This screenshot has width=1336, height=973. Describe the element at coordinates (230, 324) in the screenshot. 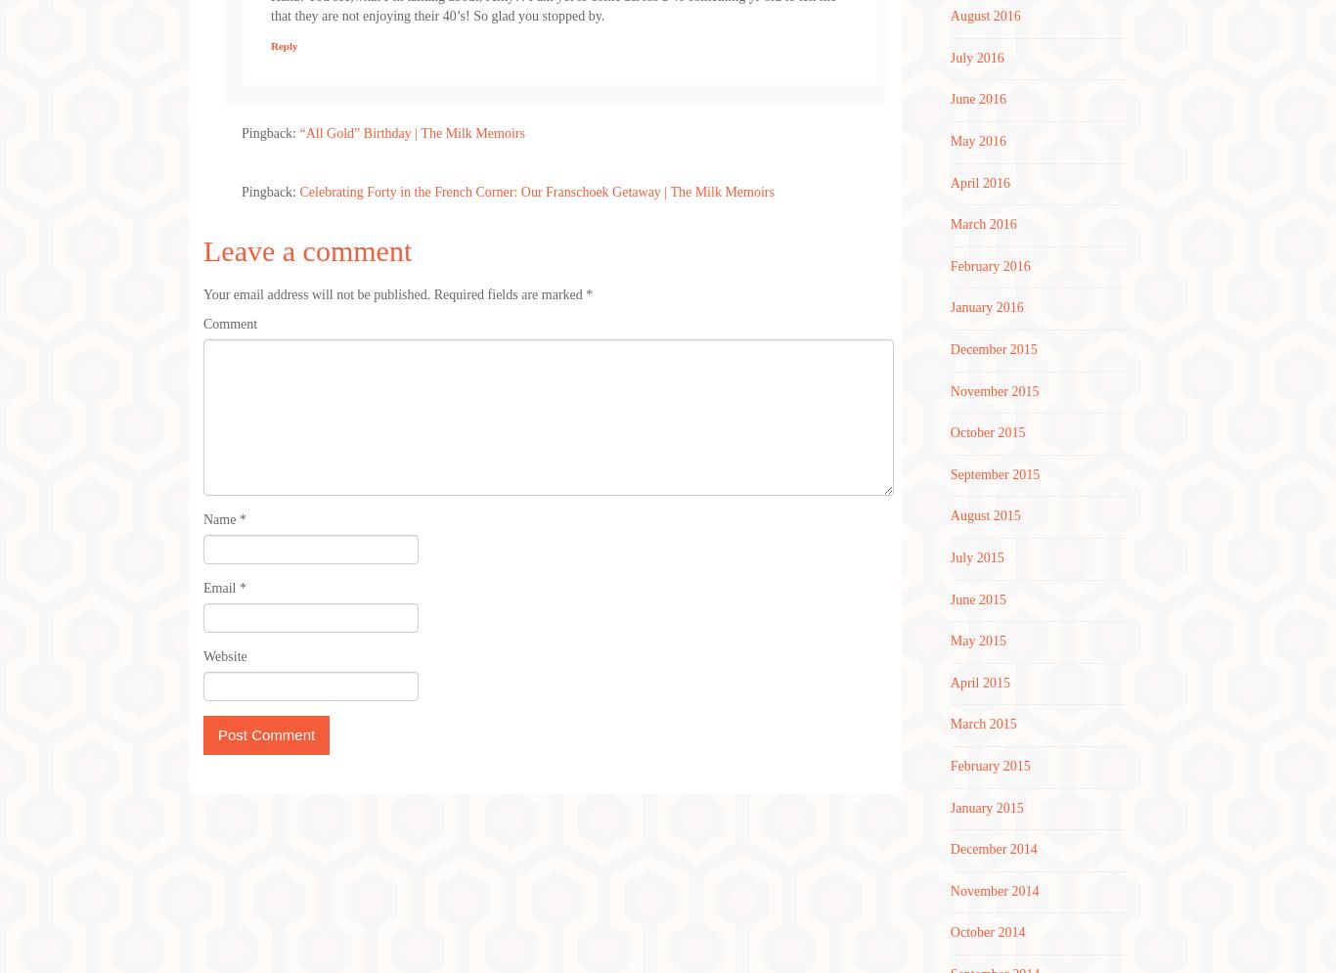

I see `'Comment'` at that location.